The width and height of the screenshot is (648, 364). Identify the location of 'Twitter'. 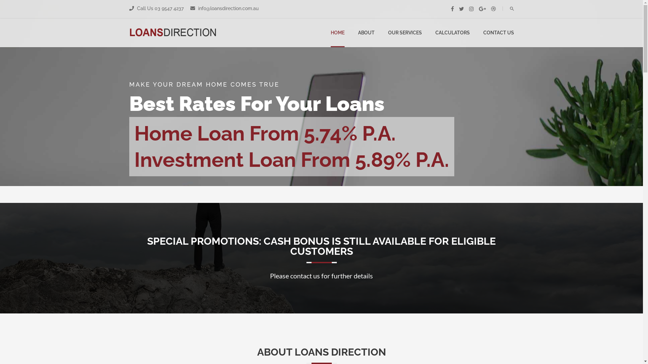
(461, 9).